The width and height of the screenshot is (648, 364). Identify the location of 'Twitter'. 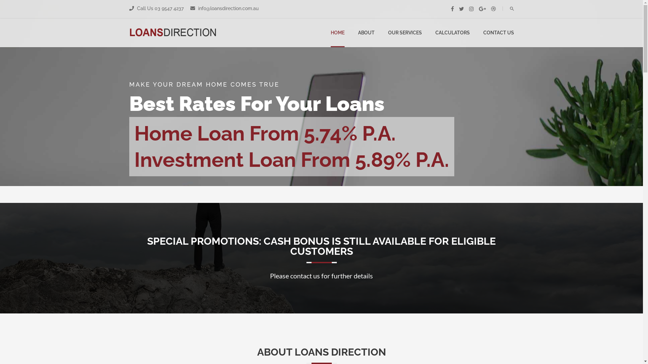
(461, 9).